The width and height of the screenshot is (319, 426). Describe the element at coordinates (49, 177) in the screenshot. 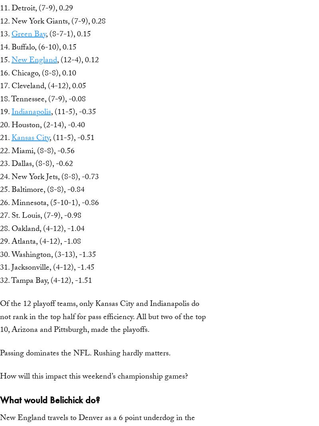

I see `'24. New York Jets, (8-8), -0.73'` at that location.